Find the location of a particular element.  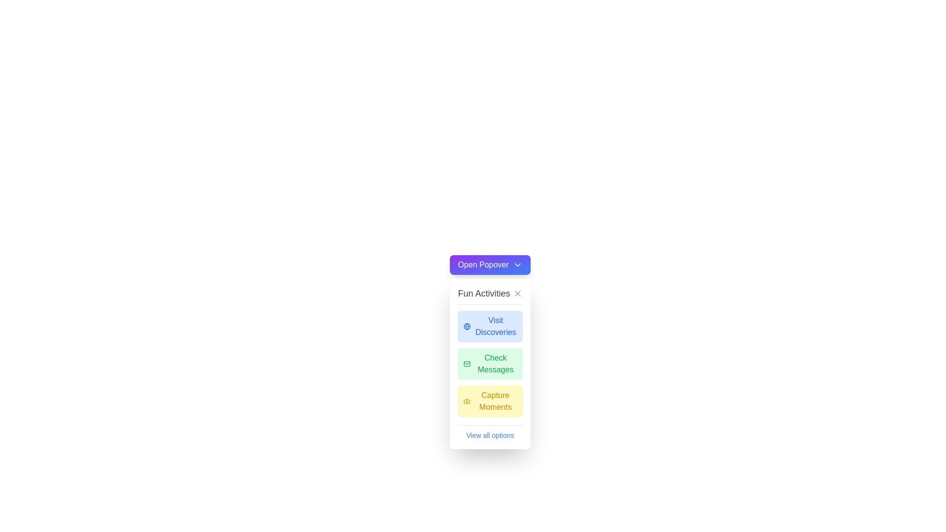

the 'Visit Discoveries' button, which contains a light blue globe icon with latitude and longitude markings, to indirectly interact with the icon is located at coordinates (467, 327).